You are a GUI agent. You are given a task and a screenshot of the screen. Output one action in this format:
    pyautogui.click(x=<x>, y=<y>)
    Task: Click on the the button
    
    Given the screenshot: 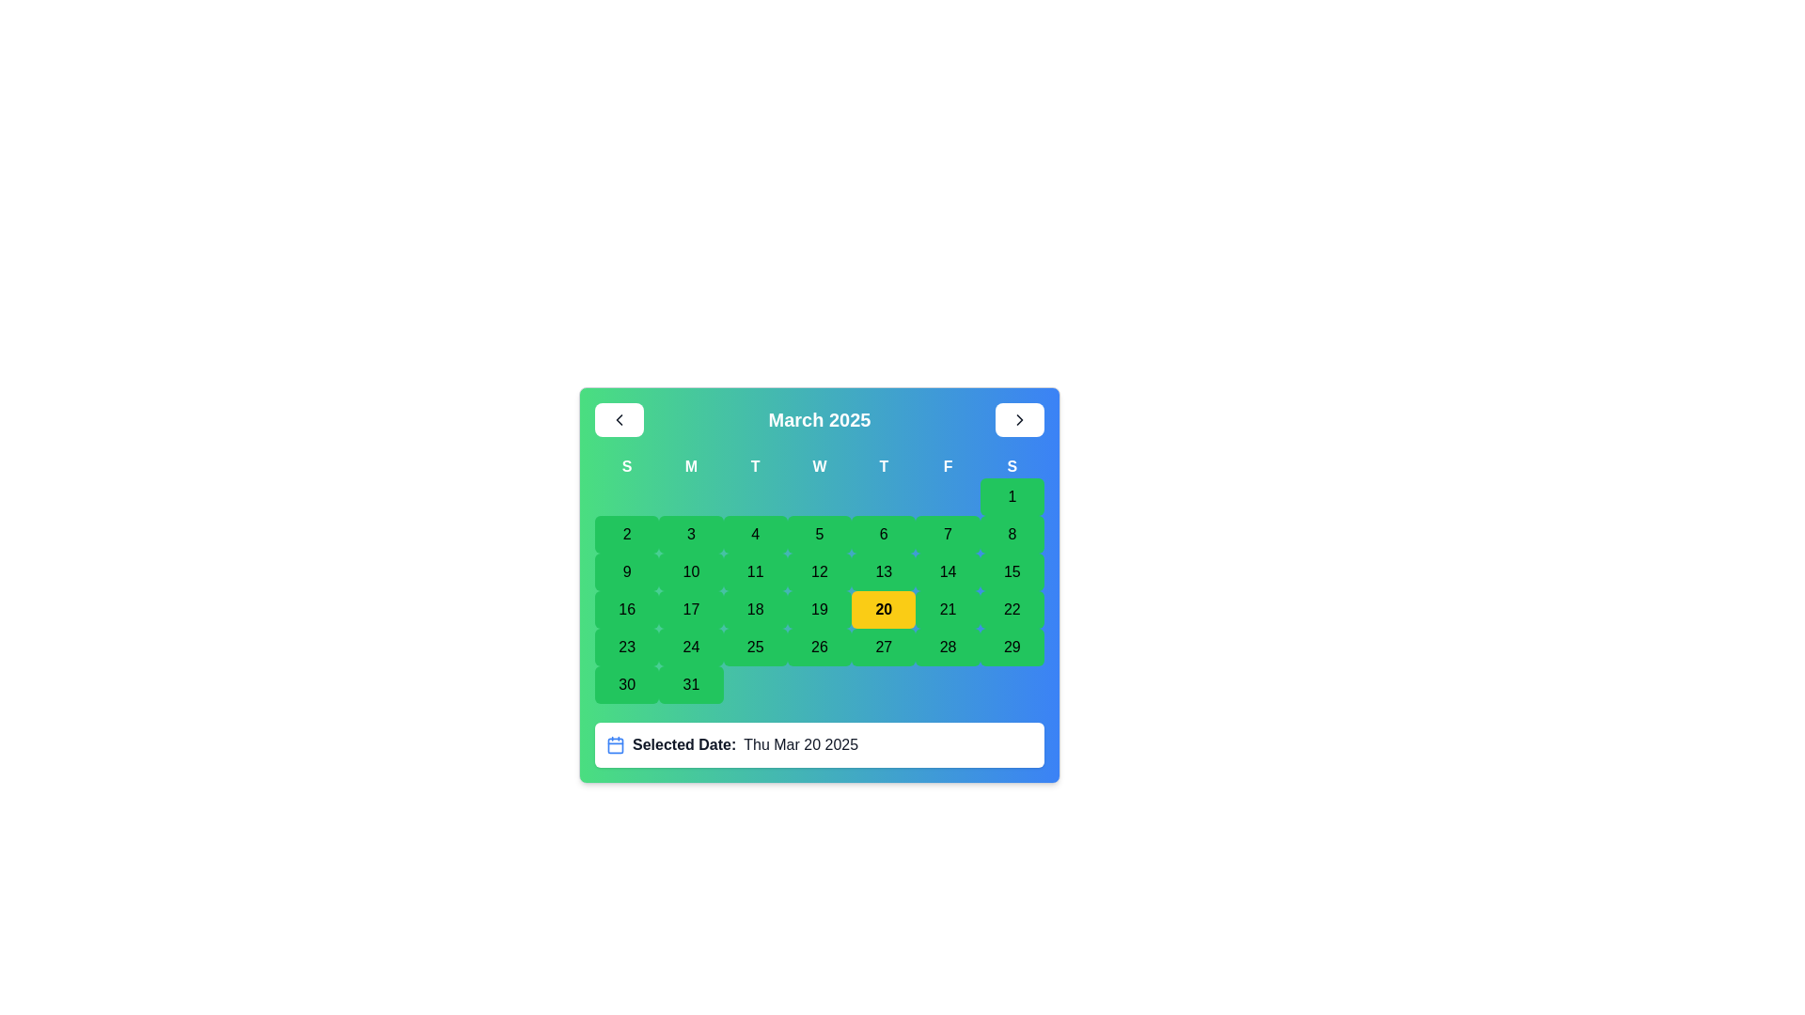 What is the action you would take?
    pyautogui.click(x=948, y=647)
    